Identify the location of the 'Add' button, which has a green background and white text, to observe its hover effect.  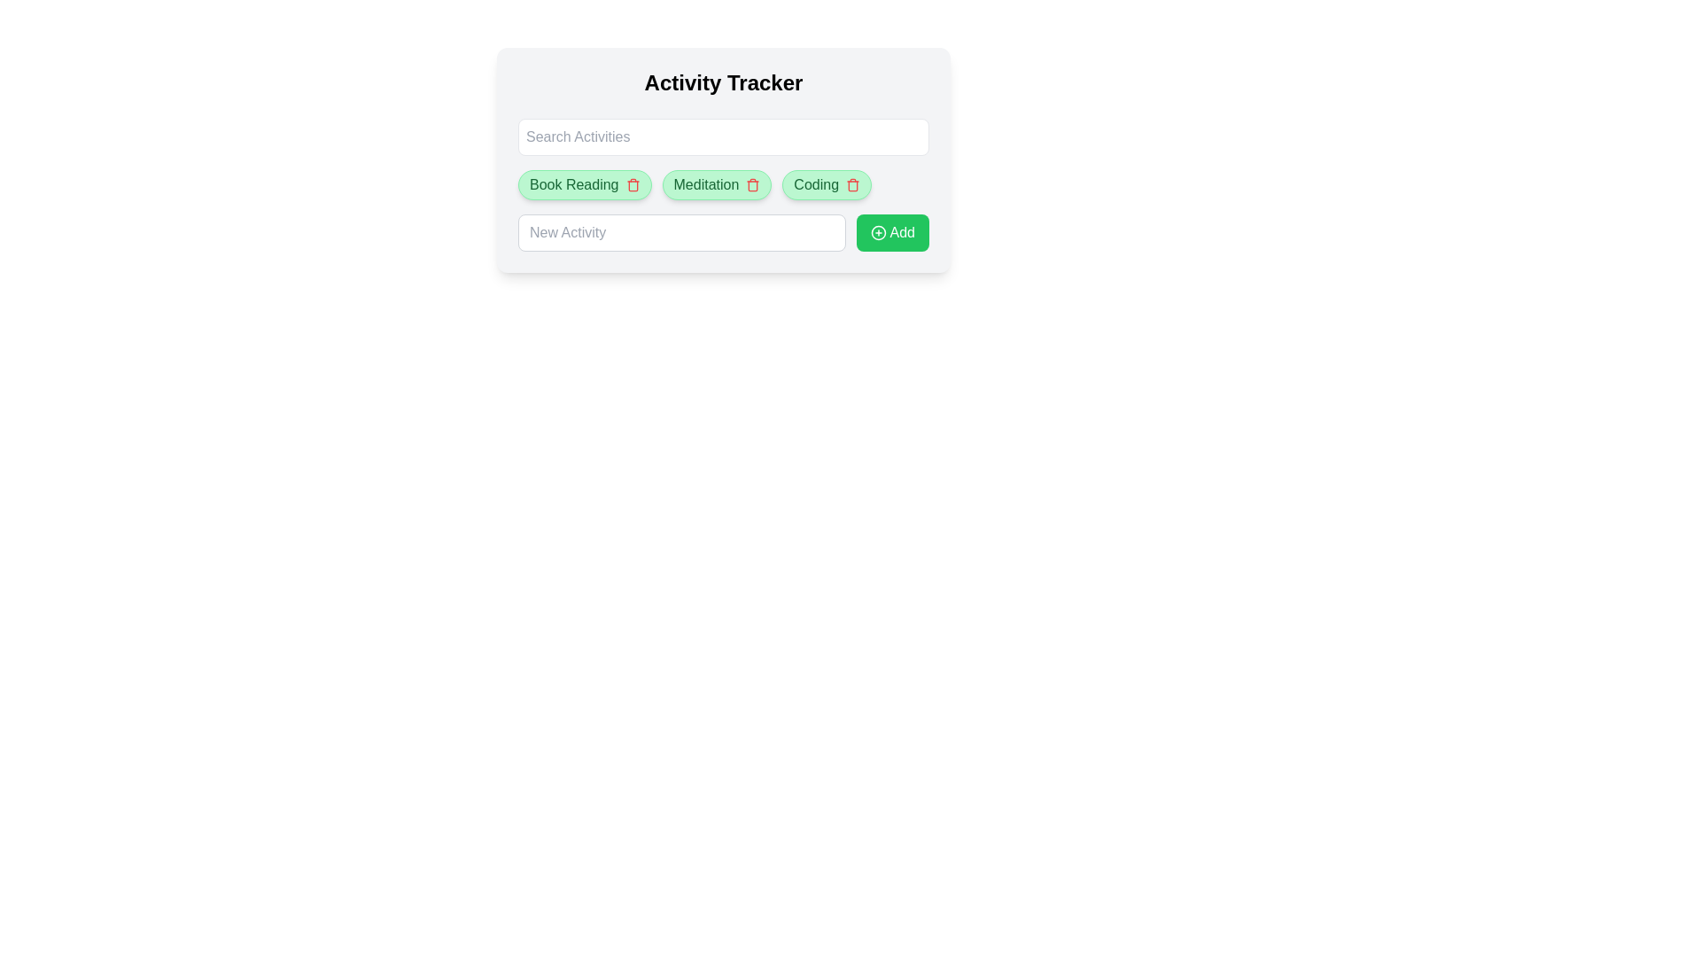
(892, 231).